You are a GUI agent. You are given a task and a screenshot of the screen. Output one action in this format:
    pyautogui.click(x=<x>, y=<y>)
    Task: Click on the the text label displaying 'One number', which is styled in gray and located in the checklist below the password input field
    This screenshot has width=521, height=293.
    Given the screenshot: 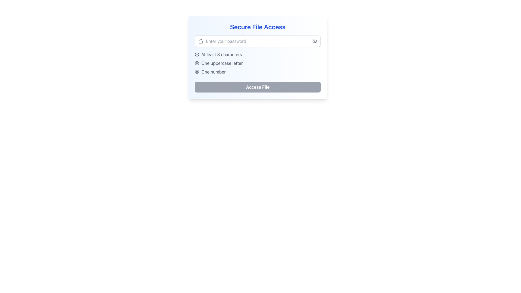 What is the action you would take?
    pyautogui.click(x=213, y=72)
    